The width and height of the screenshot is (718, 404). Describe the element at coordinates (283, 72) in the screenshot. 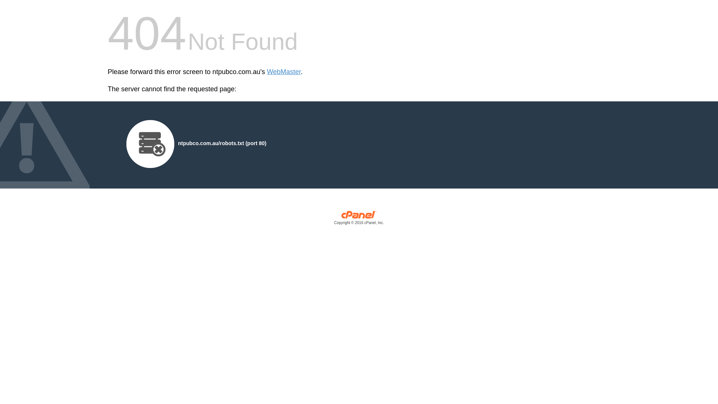

I see `'WebMaster'` at that location.